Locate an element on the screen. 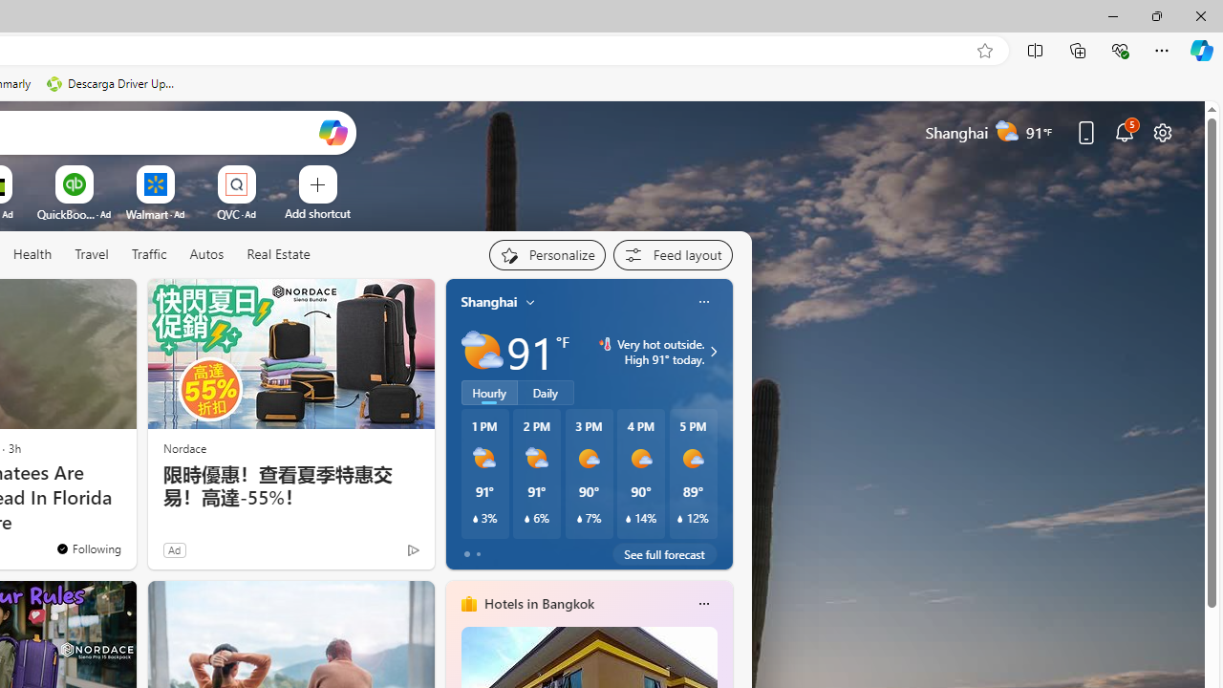 This screenshot has width=1223, height=688. 'Travel' is located at coordinates (91, 254).